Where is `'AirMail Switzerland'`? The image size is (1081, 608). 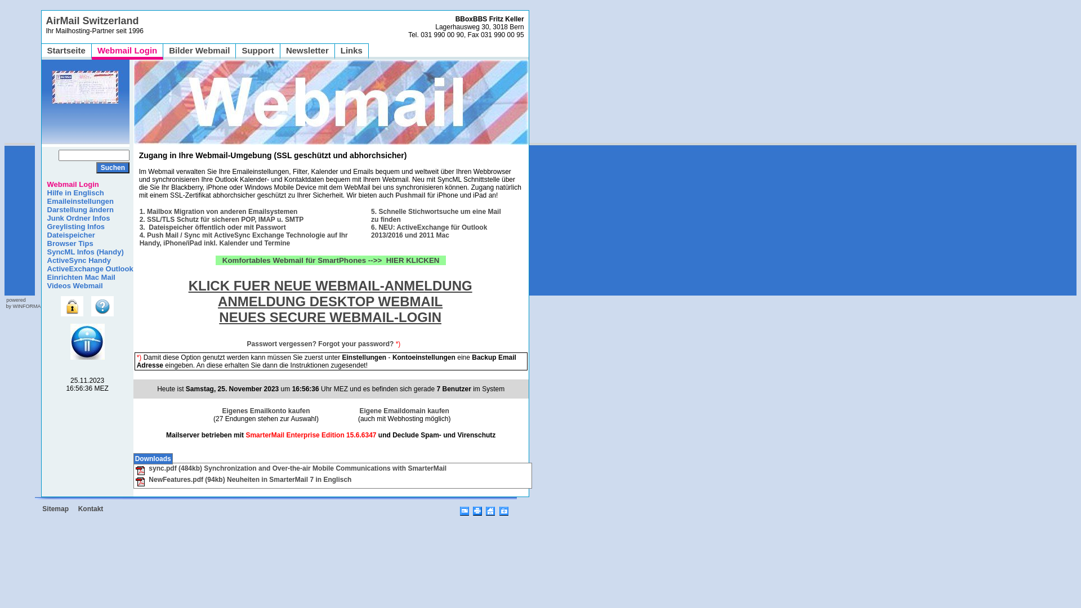
'AirMail Switzerland' is located at coordinates (45, 21).